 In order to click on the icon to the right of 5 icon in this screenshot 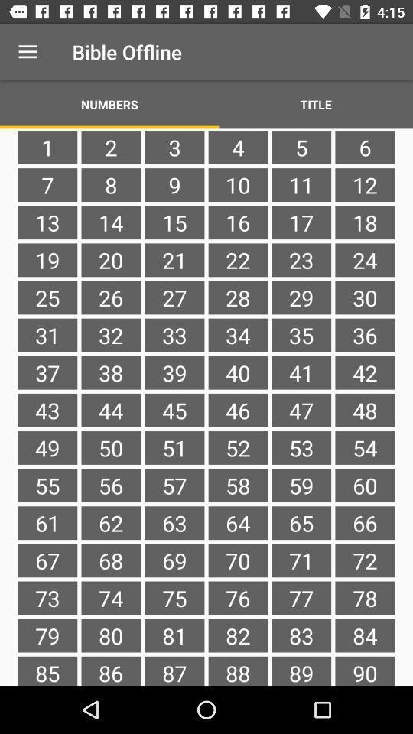, I will do `click(364, 184)`.